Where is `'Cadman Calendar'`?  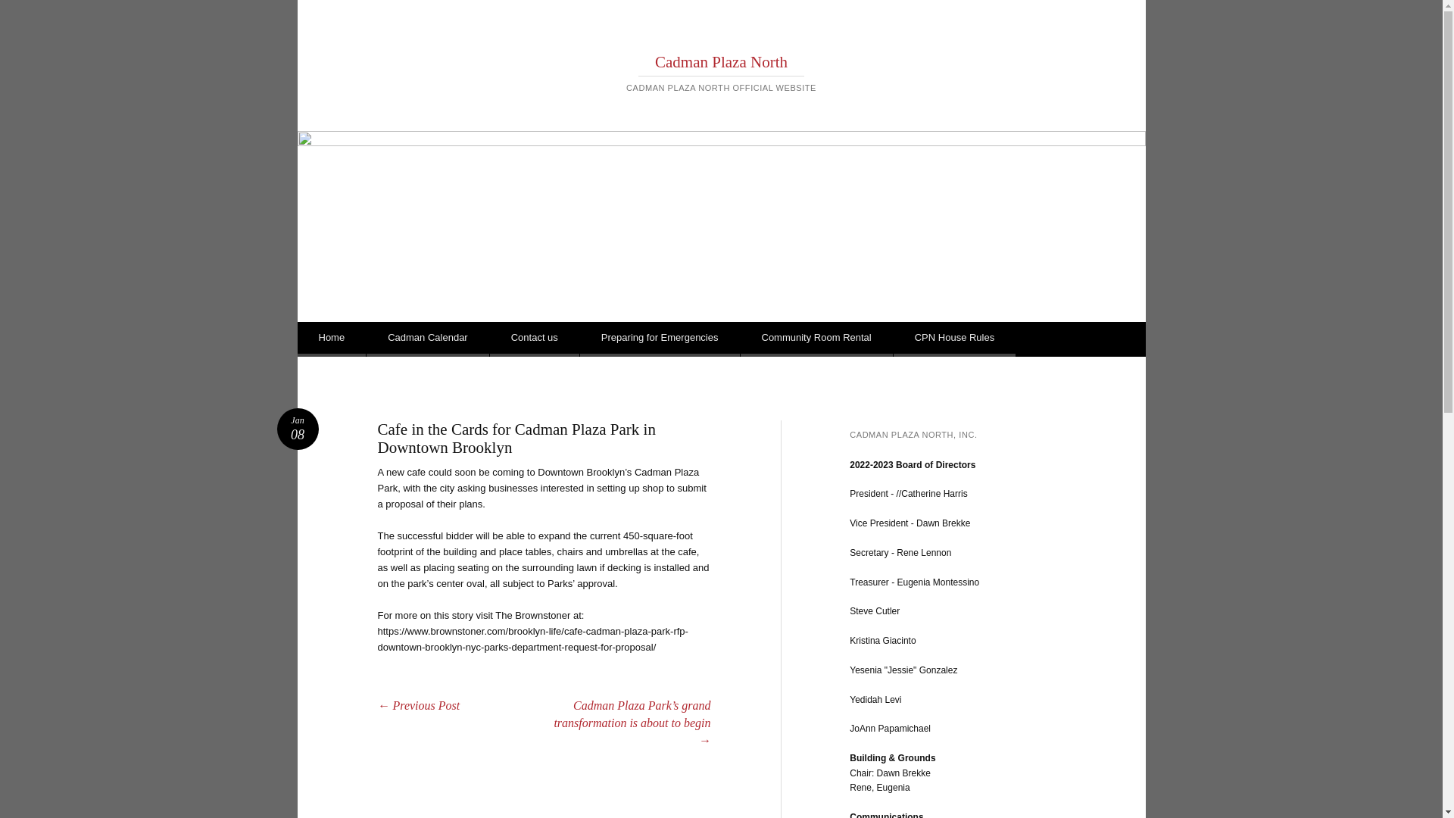
'Cadman Calendar' is located at coordinates (427, 338).